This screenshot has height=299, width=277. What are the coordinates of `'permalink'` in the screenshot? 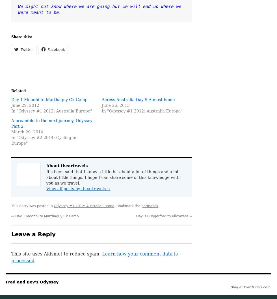 It's located at (150, 206).